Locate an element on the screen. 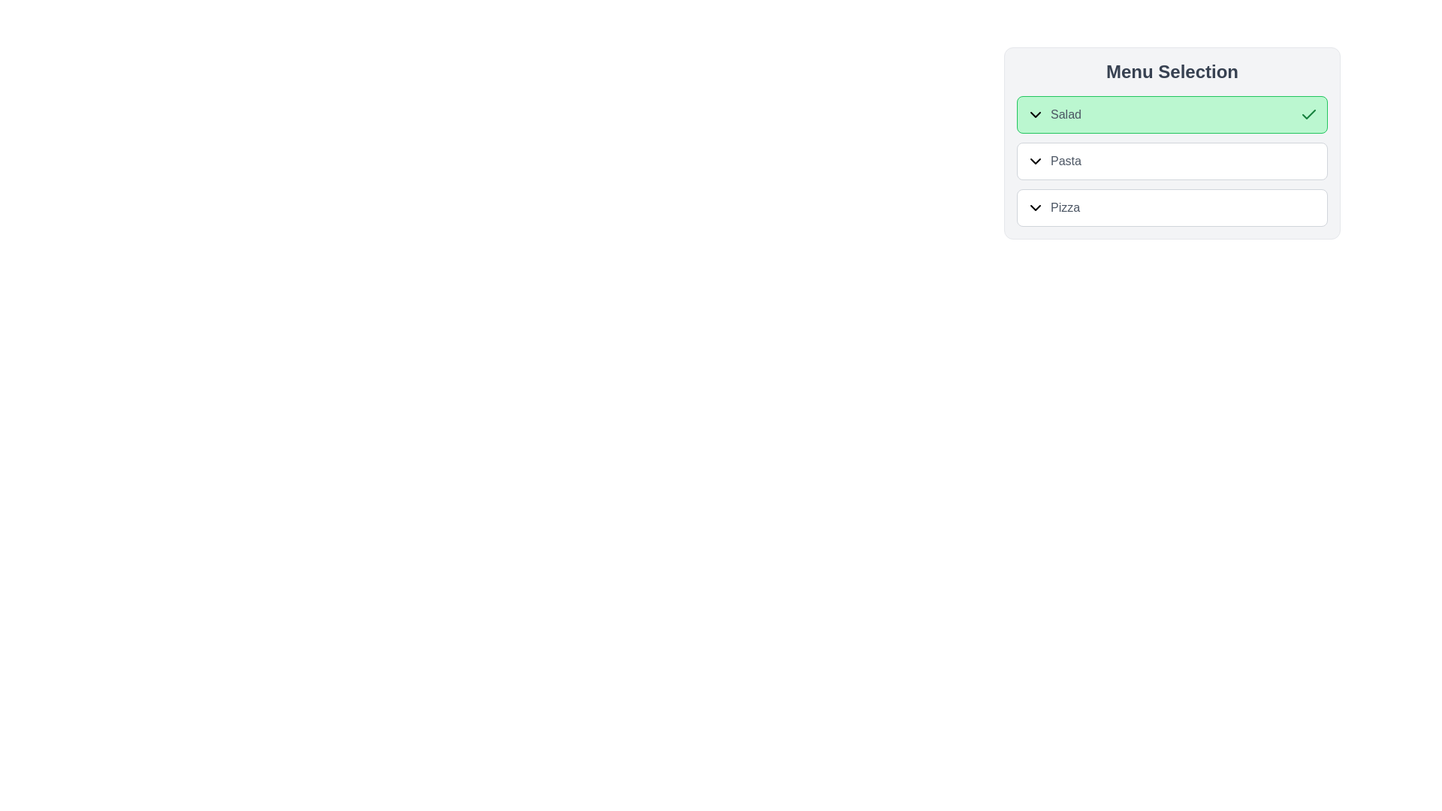 The image size is (1442, 811). the second button in the menu selection interface is located at coordinates (1171, 161).